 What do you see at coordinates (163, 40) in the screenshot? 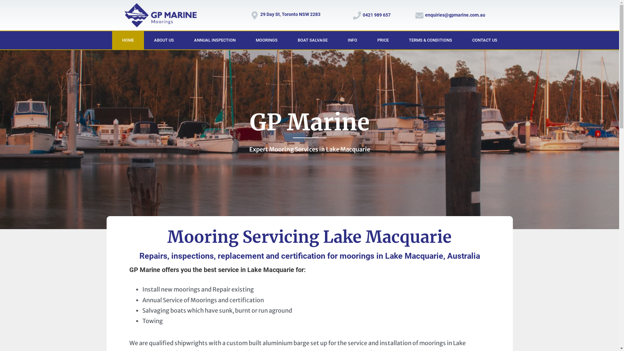
I see `'ABOUT US'` at bounding box center [163, 40].